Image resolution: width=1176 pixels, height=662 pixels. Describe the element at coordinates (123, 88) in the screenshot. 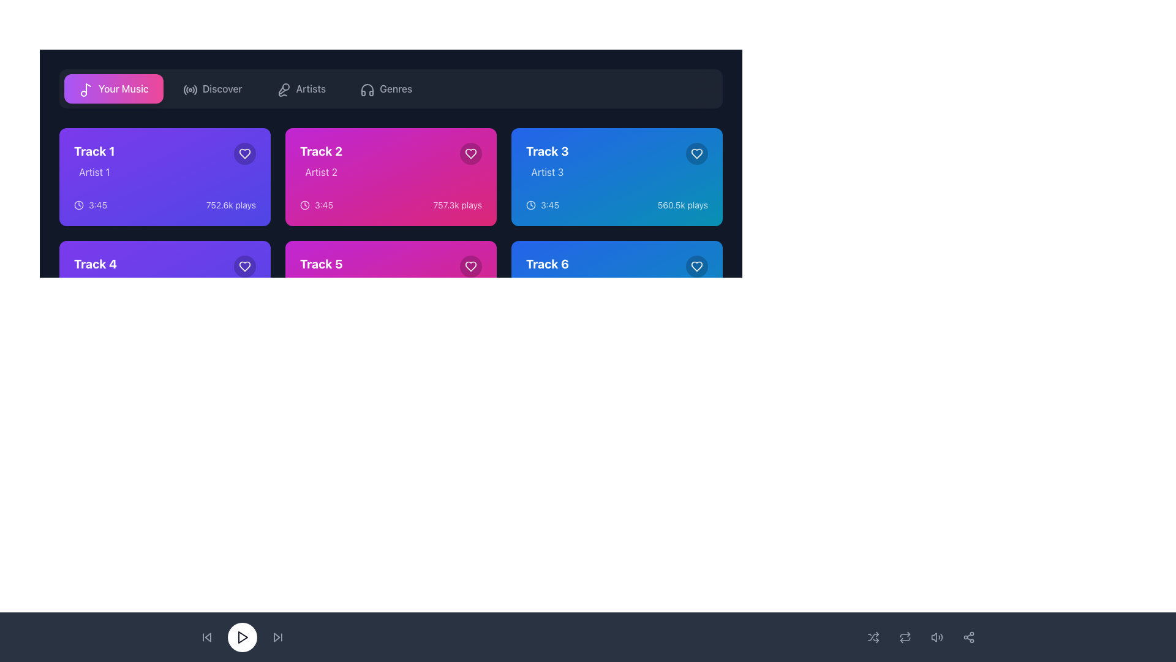

I see `the text label 'Your Music' which is styled with a white font color and positioned over a gradient background, located in the top left of the interface next to a musical note icon` at that location.